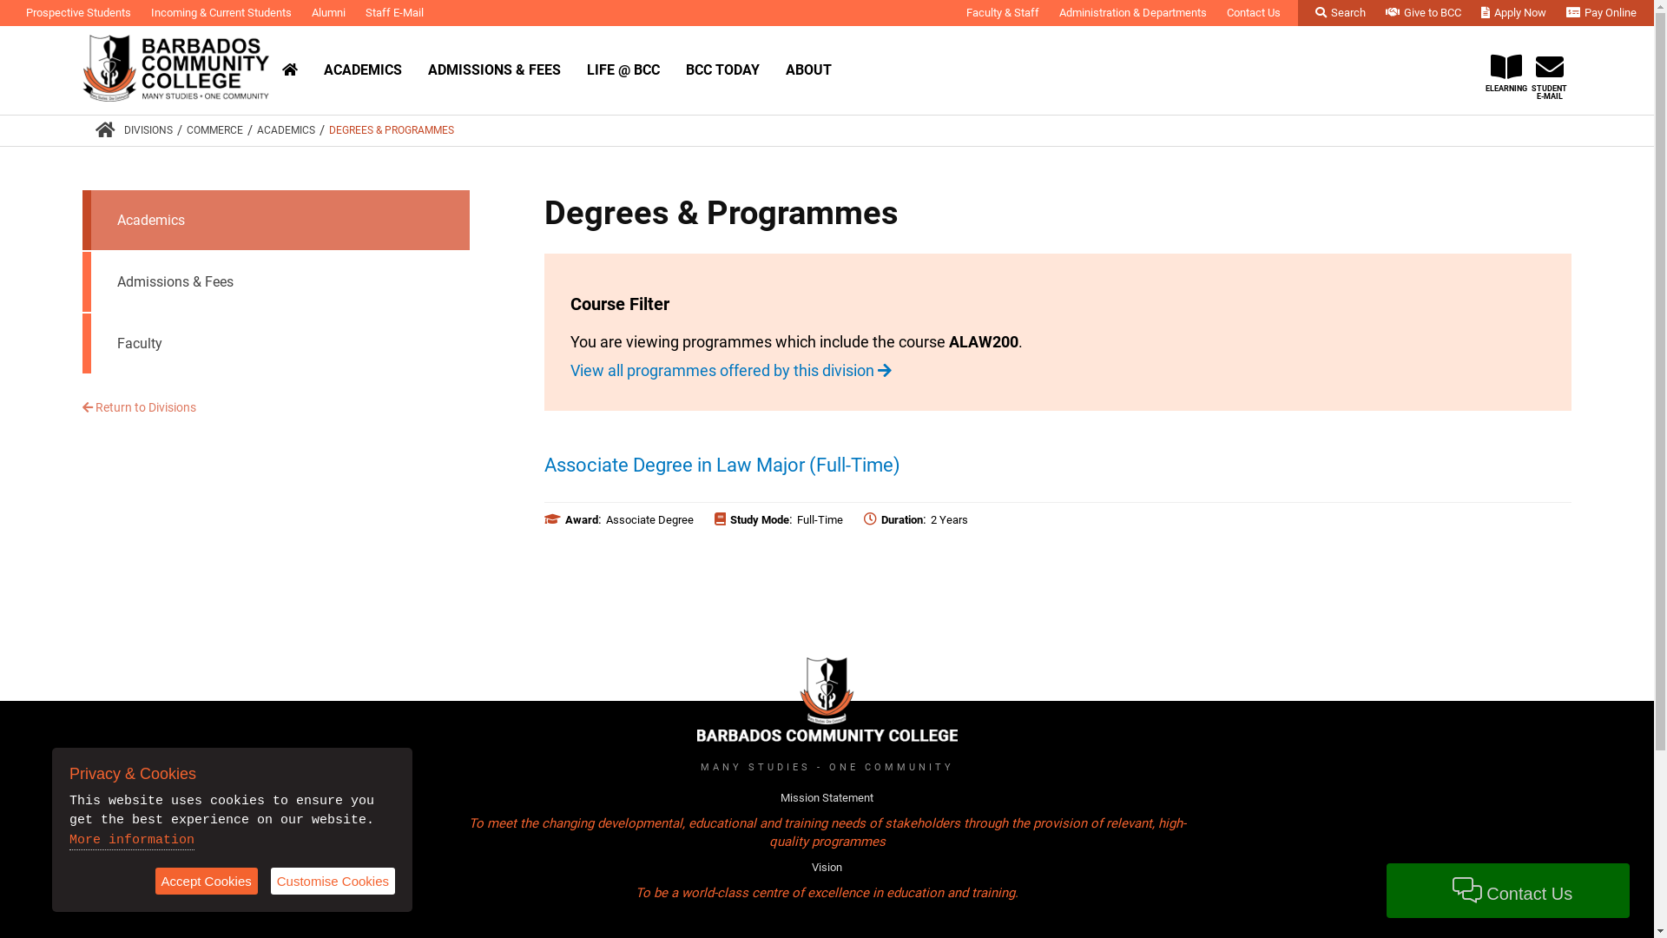  Describe the element at coordinates (1600, 12) in the screenshot. I see `'Pay Online'` at that location.